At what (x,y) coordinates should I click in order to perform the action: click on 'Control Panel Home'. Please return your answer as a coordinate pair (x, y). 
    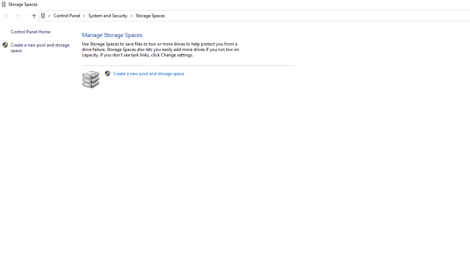
    Looking at the image, I should click on (30, 31).